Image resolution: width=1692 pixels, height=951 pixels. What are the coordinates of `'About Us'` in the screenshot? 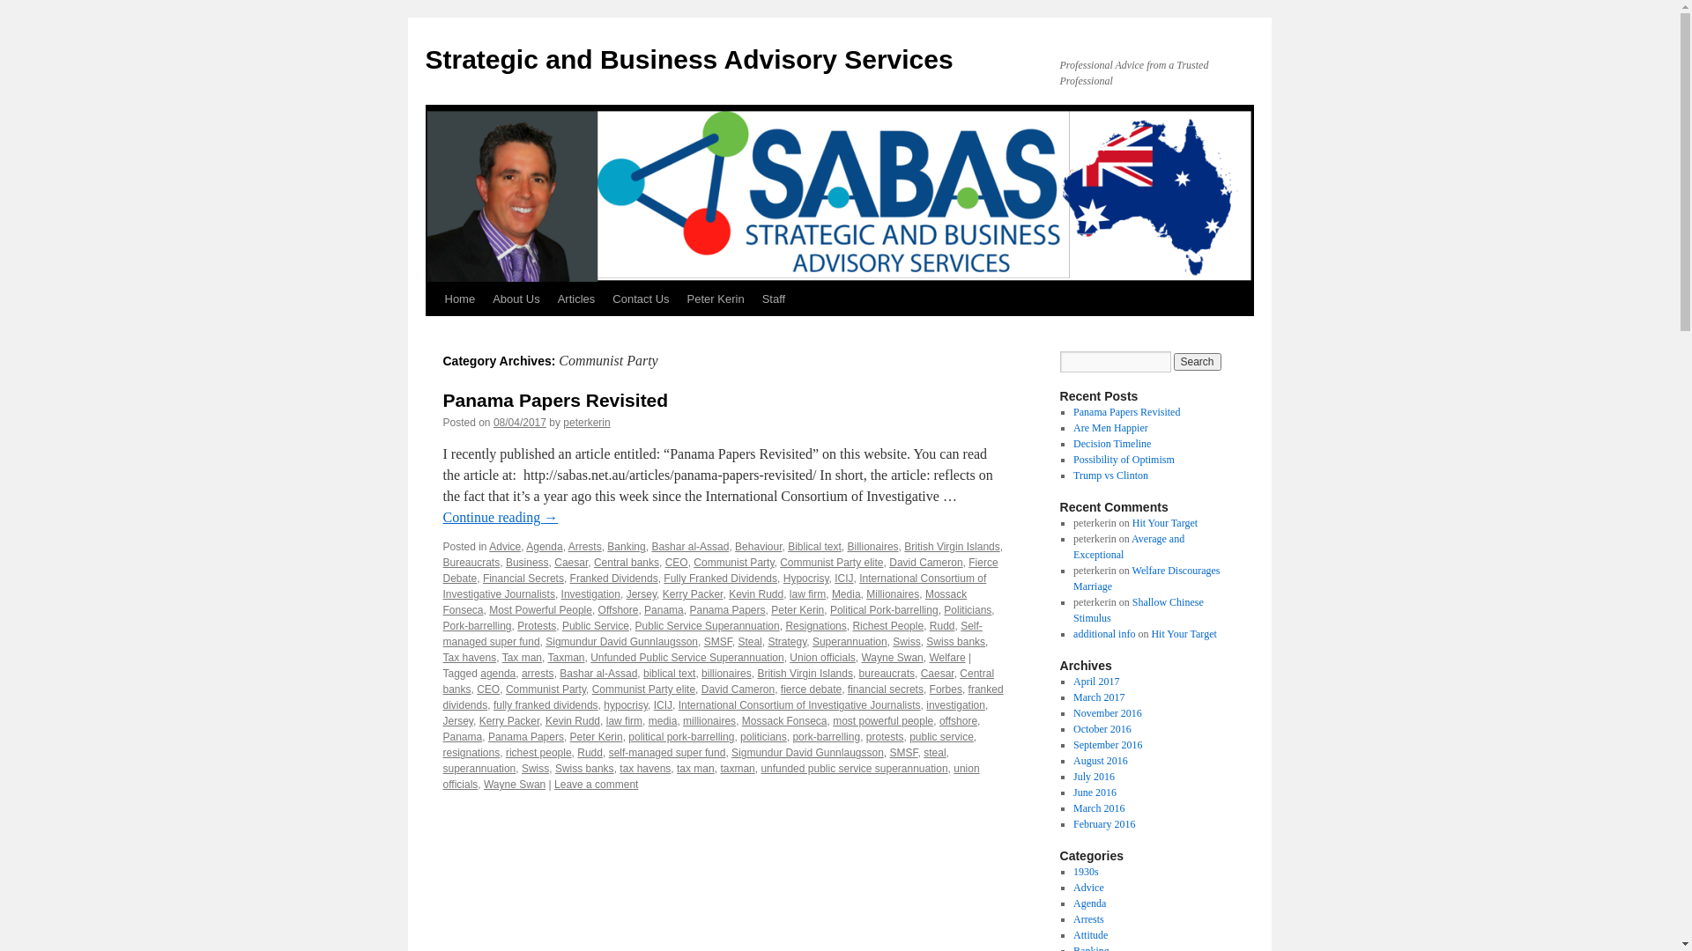 It's located at (483, 298).